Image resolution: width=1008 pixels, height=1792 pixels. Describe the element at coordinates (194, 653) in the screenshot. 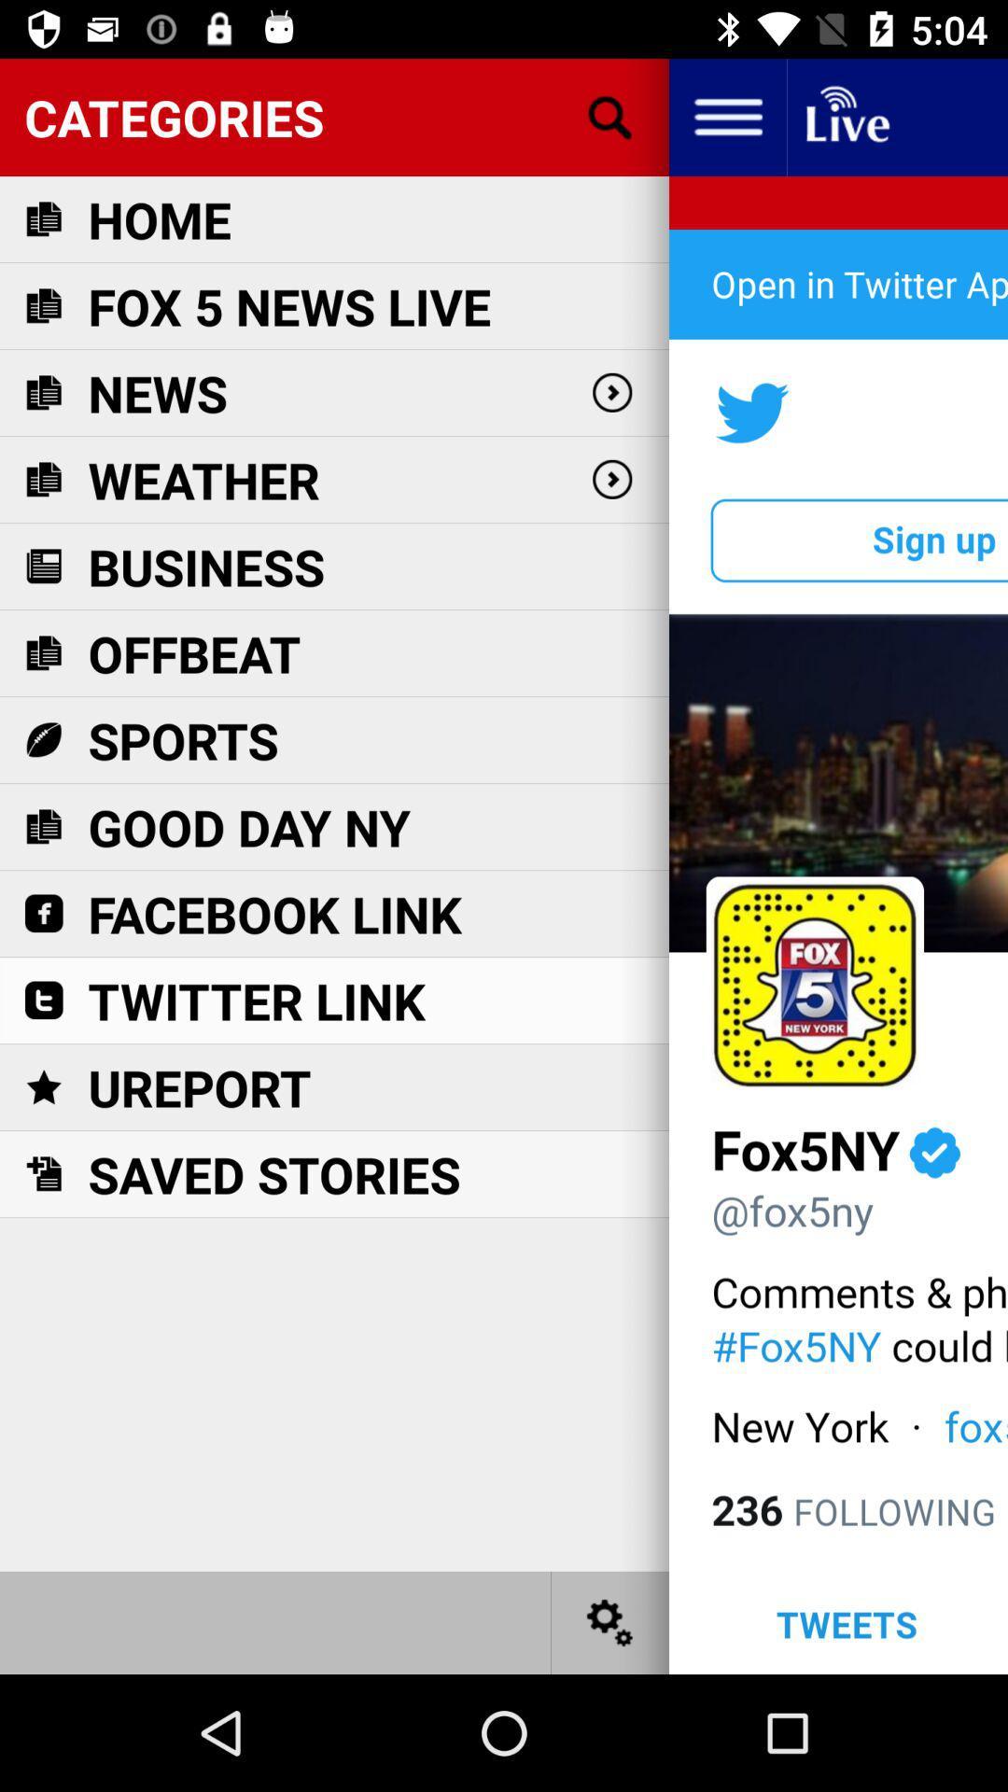

I see `the item below the business icon` at that location.